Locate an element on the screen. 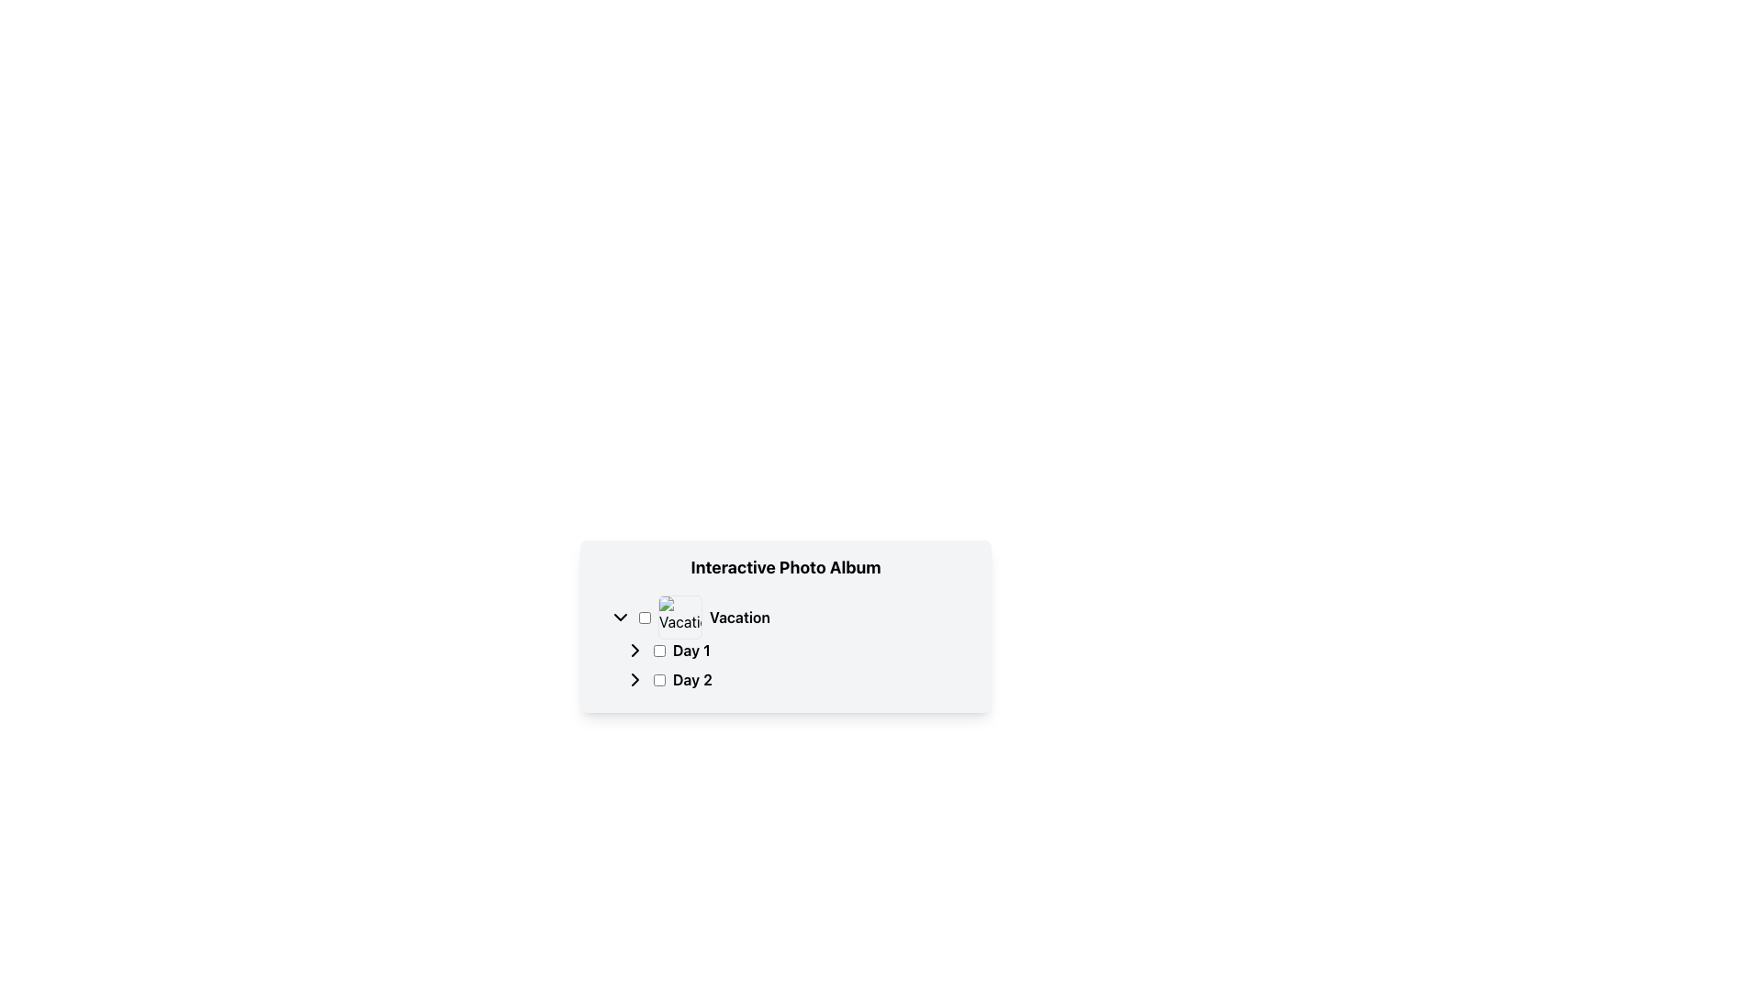 The height and width of the screenshot is (991, 1763). the checkboxes for the items 'Vacation', 'Day 1', and 'Day 2' in the Hierarchical List under the 'Interactive Photo Album' block is located at coordinates (785, 642).